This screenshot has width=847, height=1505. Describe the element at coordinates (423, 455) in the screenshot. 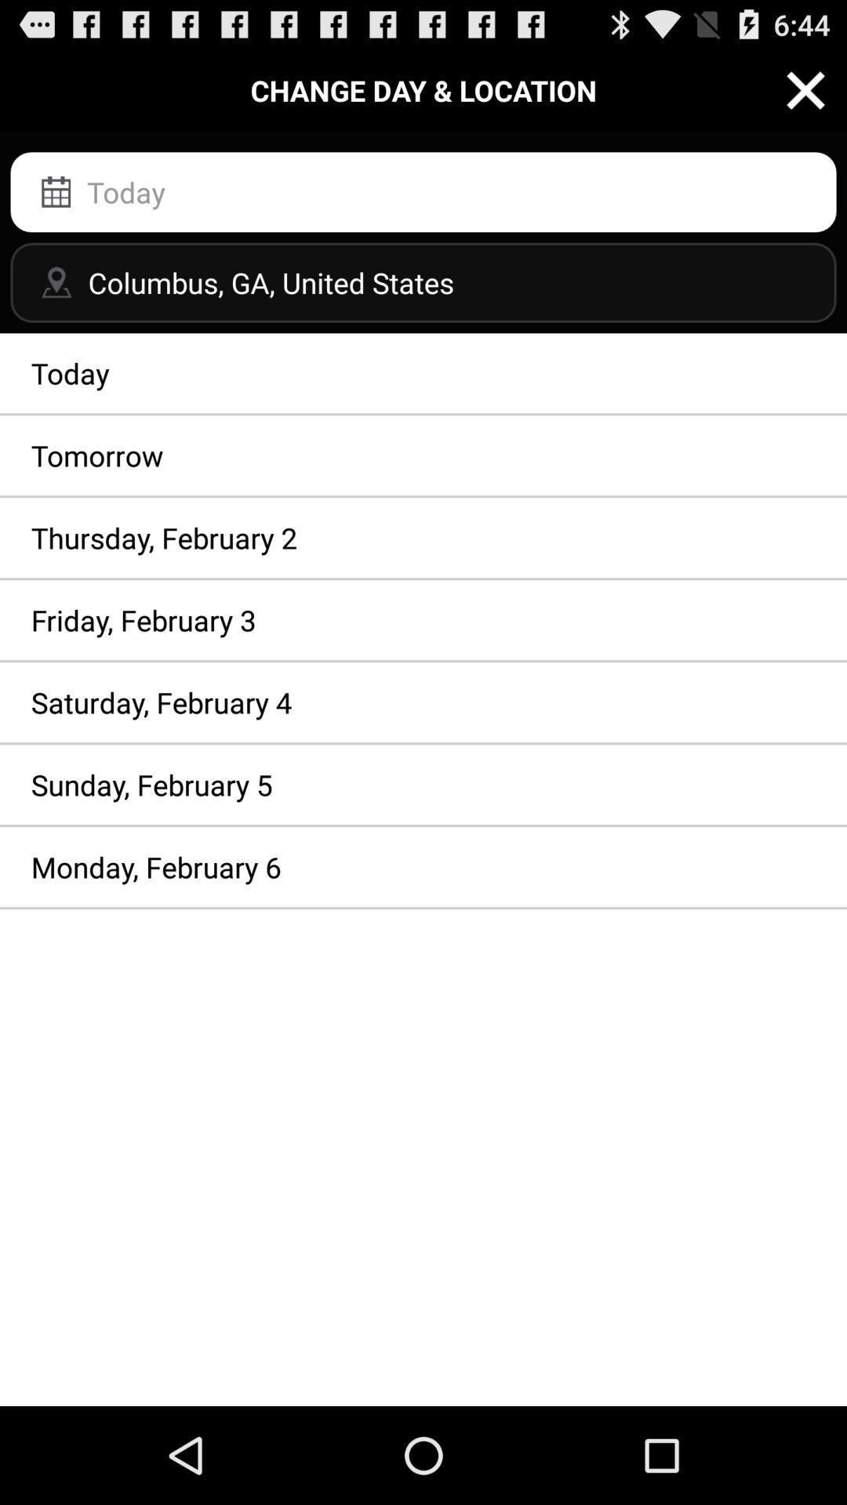

I see `the tomorrow icon` at that location.